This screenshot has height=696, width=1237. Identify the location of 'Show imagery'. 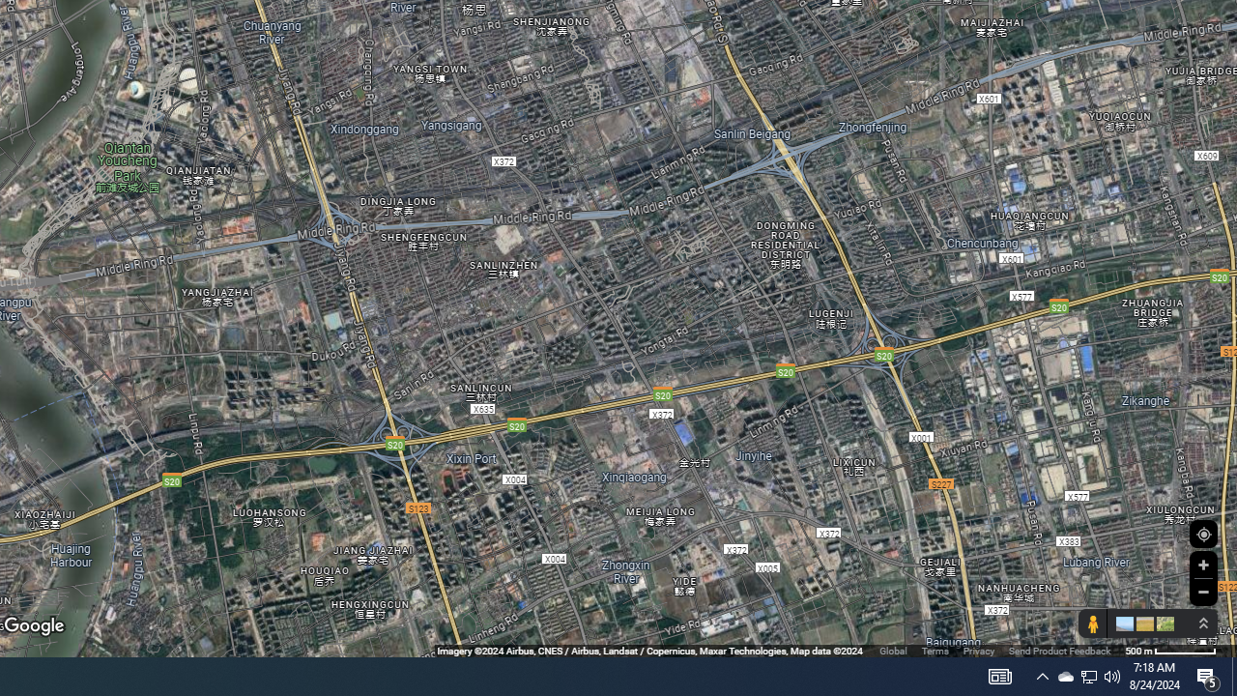
(1162, 623).